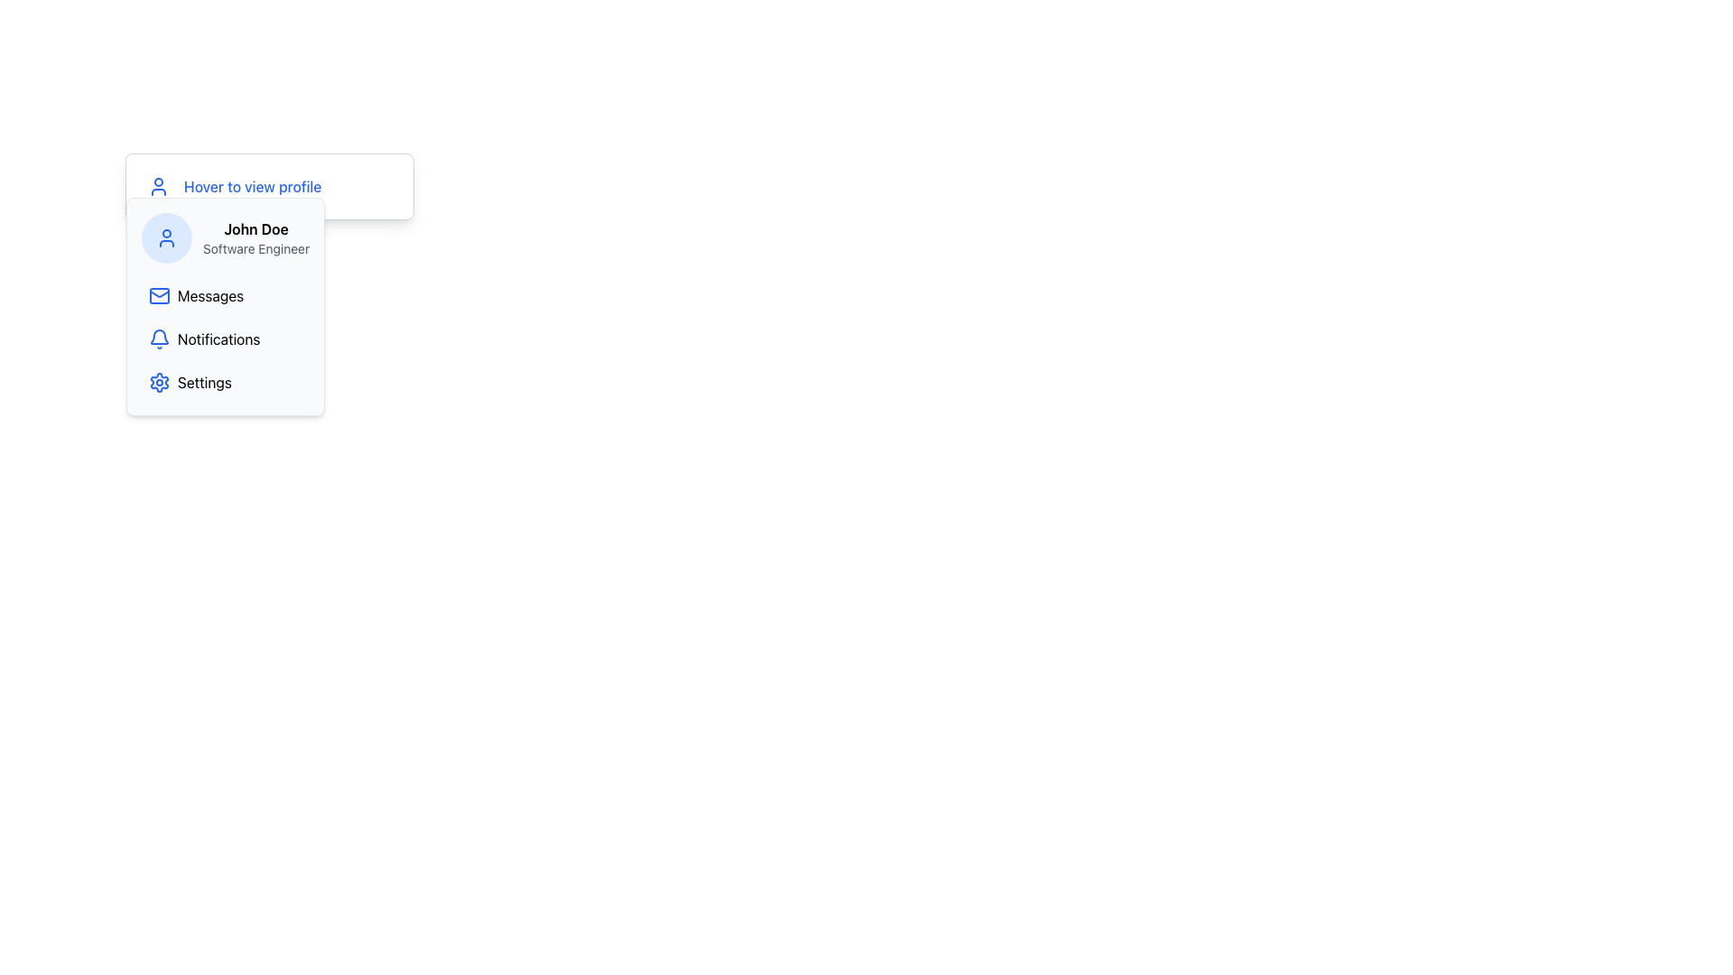 The width and height of the screenshot is (1733, 975). What do you see at coordinates (167, 237) in the screenshot?
I see `the user profile icon located at the top-left corner of the user profile card, which is centered inside a circular, light-blue background area` at bounding box center [167, 237].